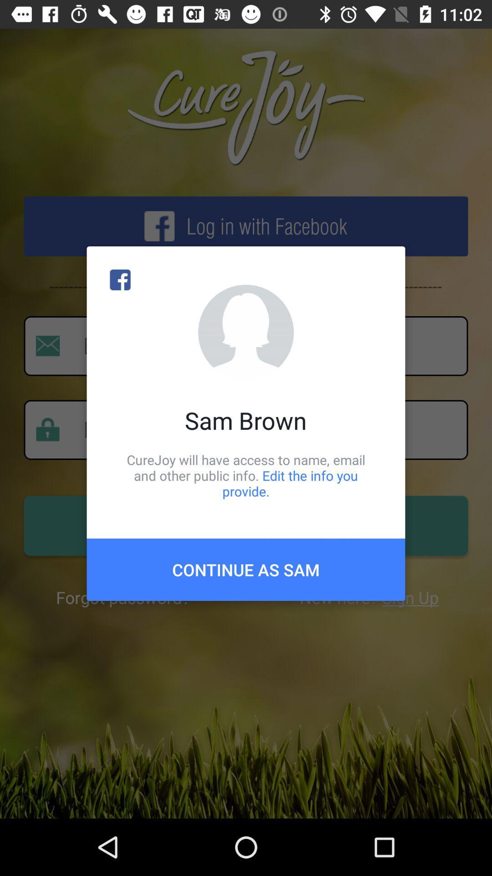 The width and height of the screenshot is (492, 876). What do you see at coordinates (246, 475) in the screenshot?
I see `icon below sam brown icon` at bounding box center [246, 475].